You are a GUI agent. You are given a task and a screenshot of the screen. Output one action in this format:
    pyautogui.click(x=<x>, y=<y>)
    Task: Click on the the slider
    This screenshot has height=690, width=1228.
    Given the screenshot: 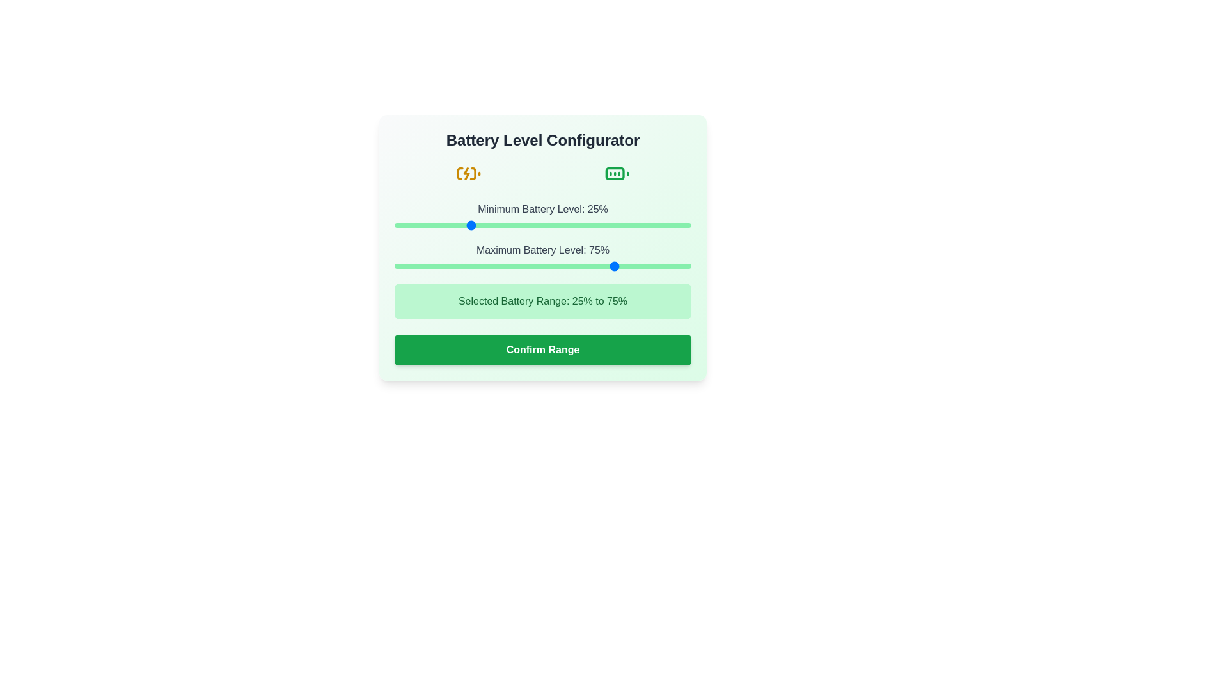 What is the action you would take?
    pyautogui.click(x=506, y=265)
    